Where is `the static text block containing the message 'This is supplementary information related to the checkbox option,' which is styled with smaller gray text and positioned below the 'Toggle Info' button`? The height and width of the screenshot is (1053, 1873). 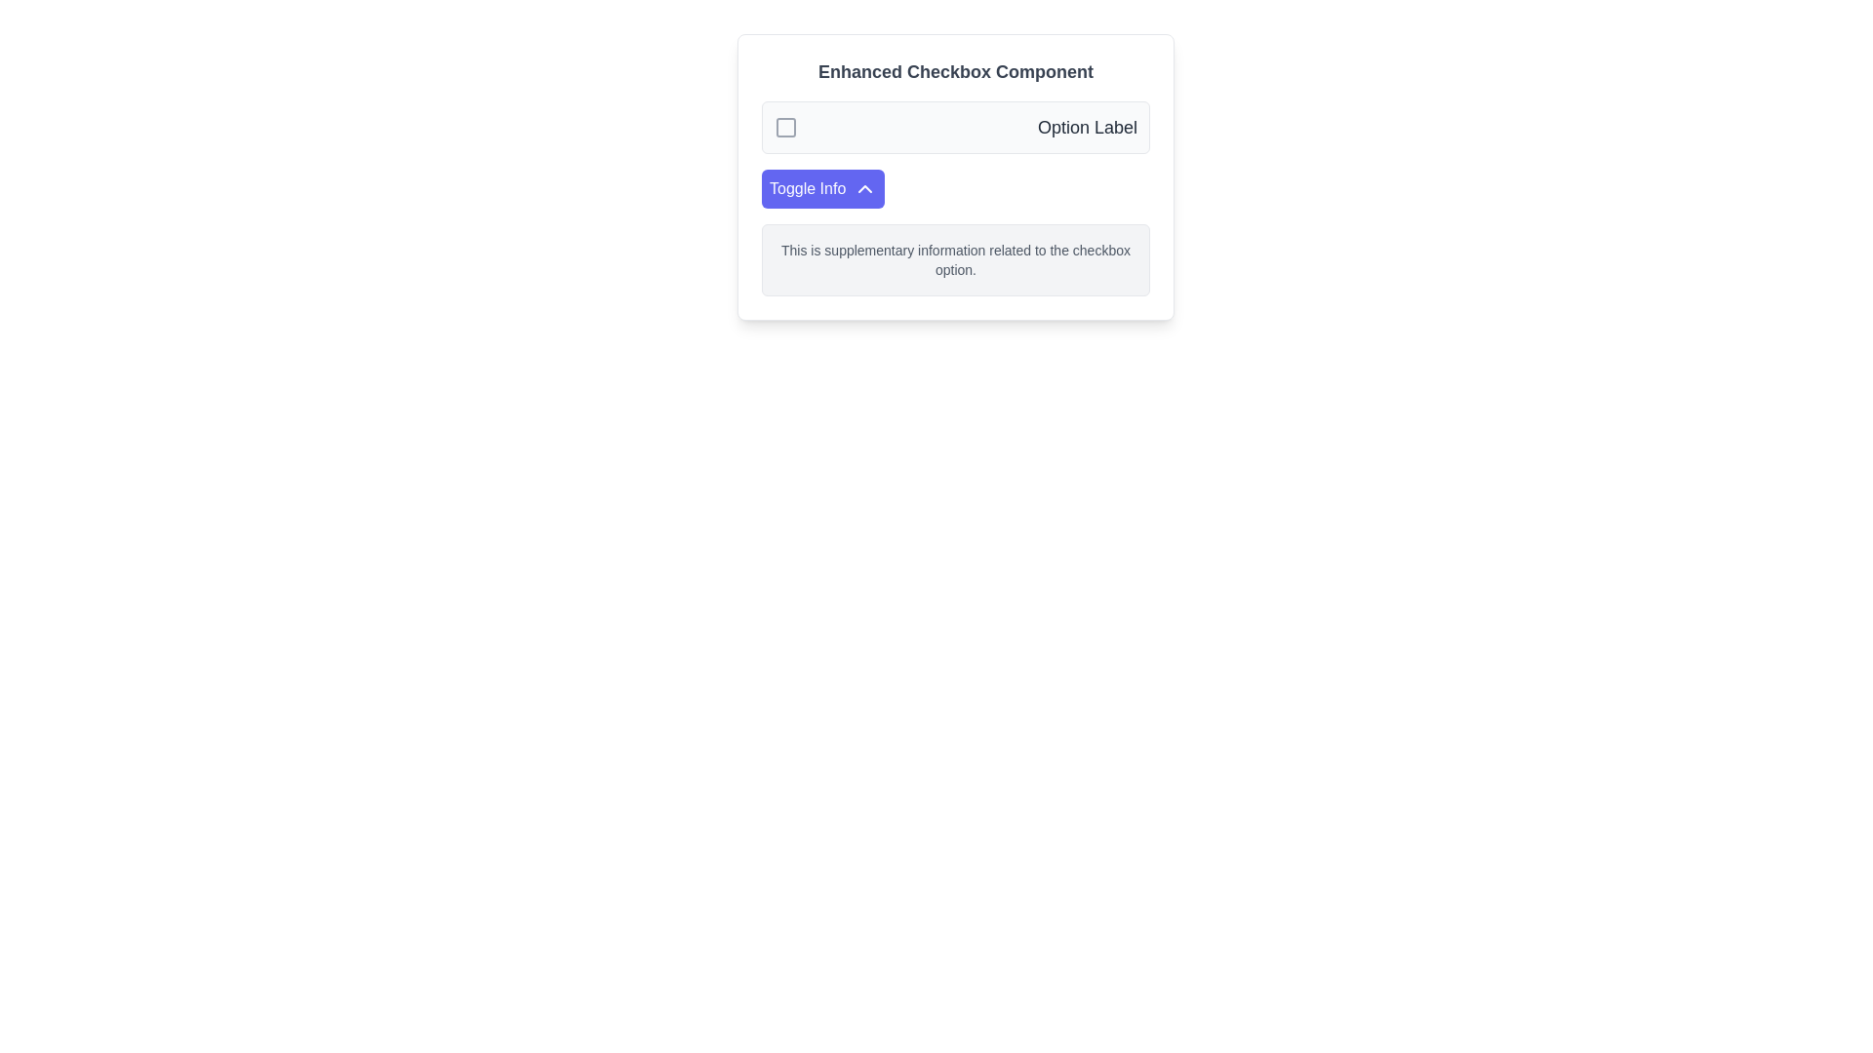
the static text block containing the message 'This is supplementary information related to the checkbox option,' which is styled with smaller gray text and positioned below the 'Toggle Info' button is located at coordinates (955, 258).